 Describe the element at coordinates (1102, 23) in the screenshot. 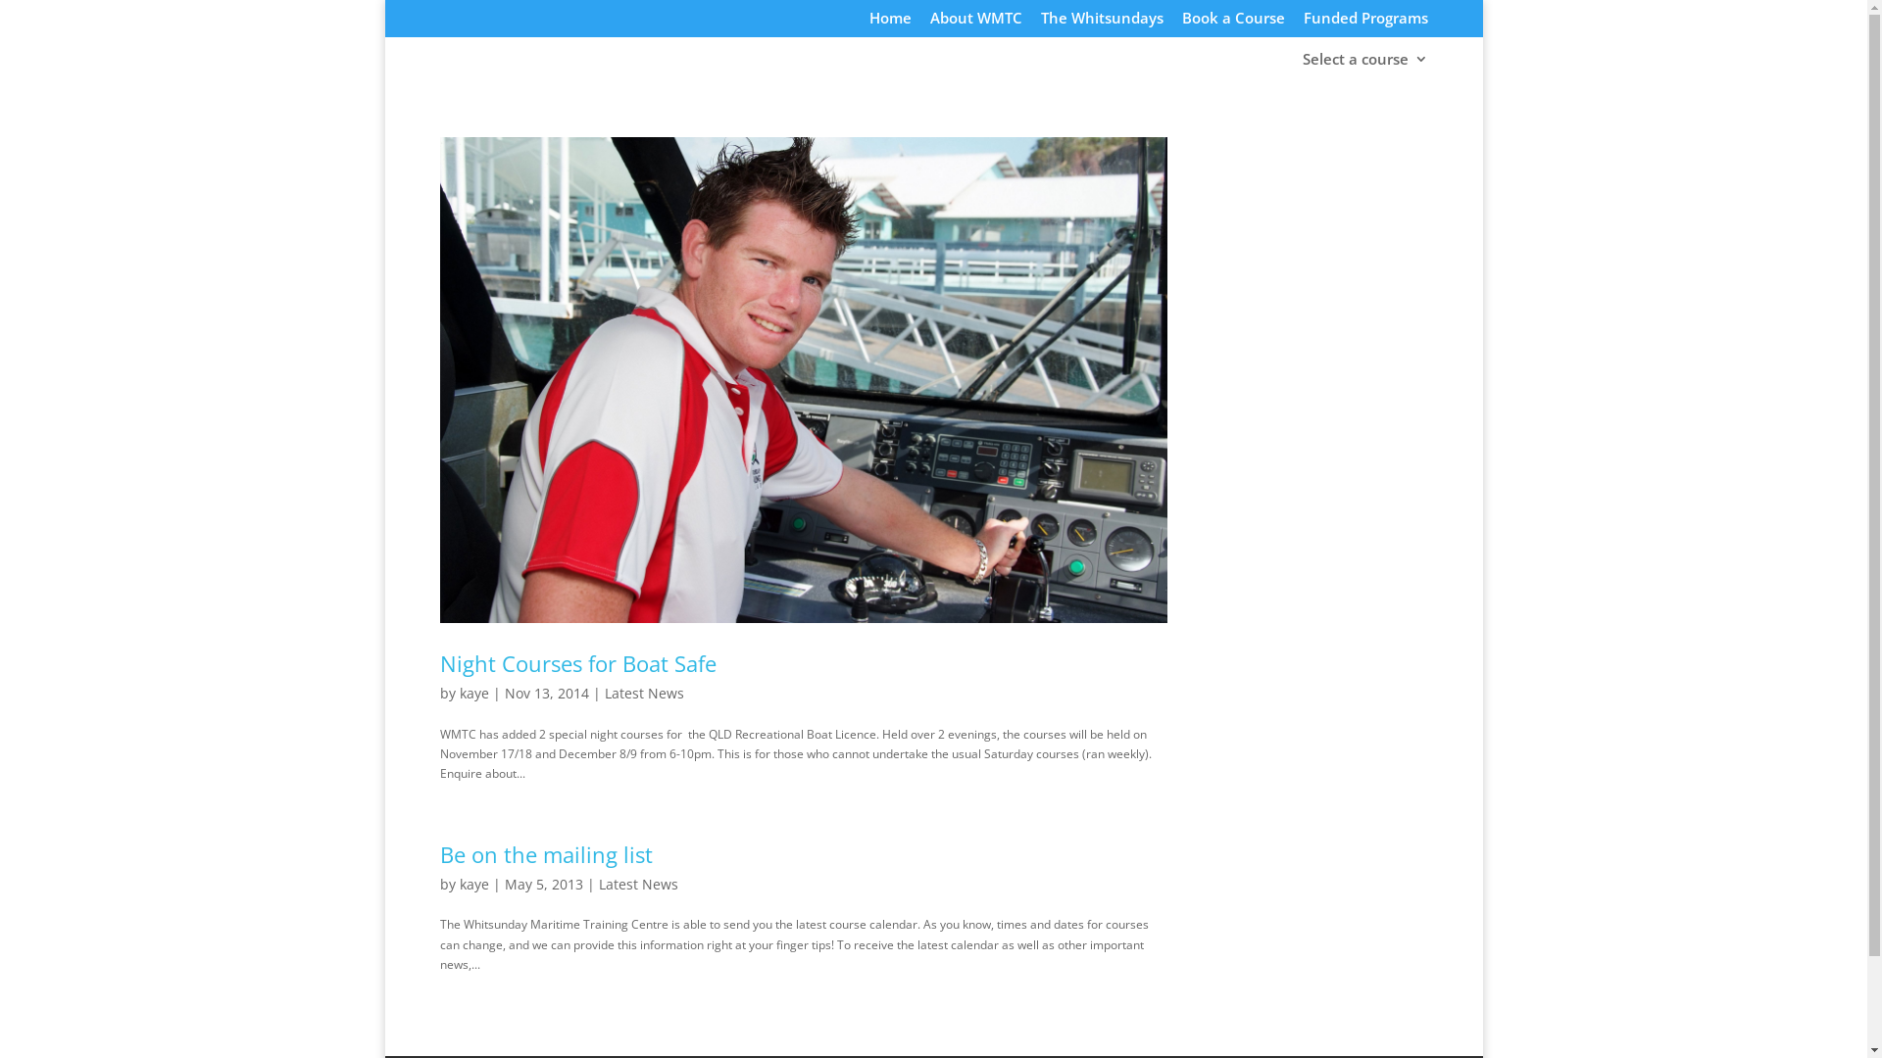

I see `'The Whitsundays'` at that location.